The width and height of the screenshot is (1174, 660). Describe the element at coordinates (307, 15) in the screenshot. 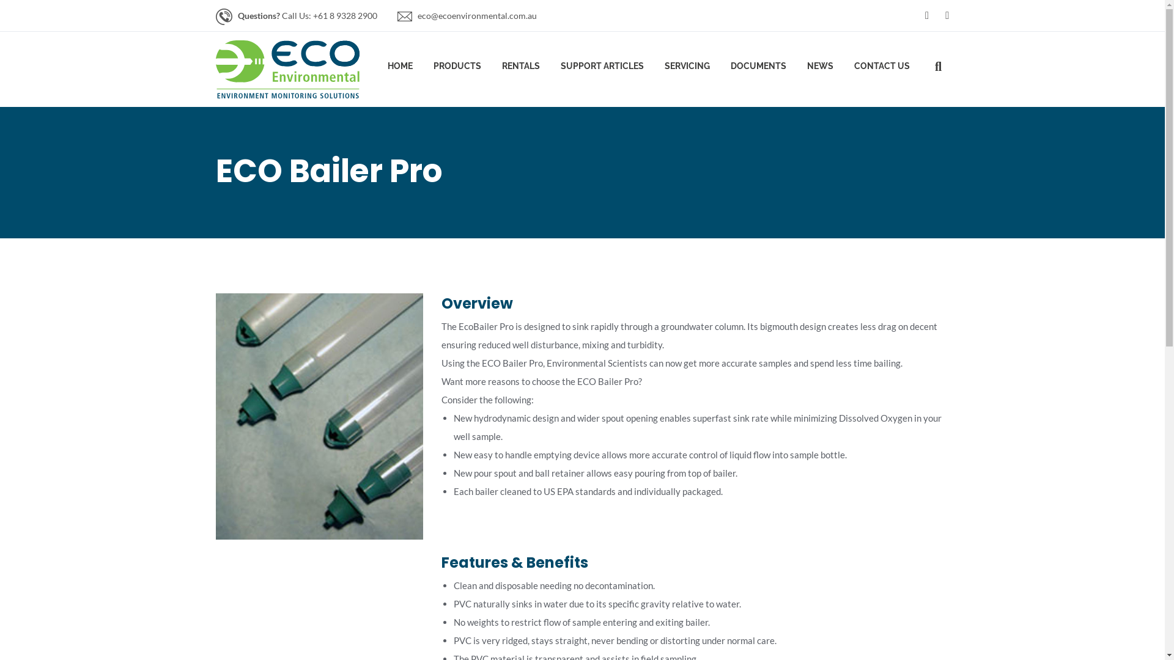

I see `'Questions? Call Us: +61 8 9328 2900'` at that location.